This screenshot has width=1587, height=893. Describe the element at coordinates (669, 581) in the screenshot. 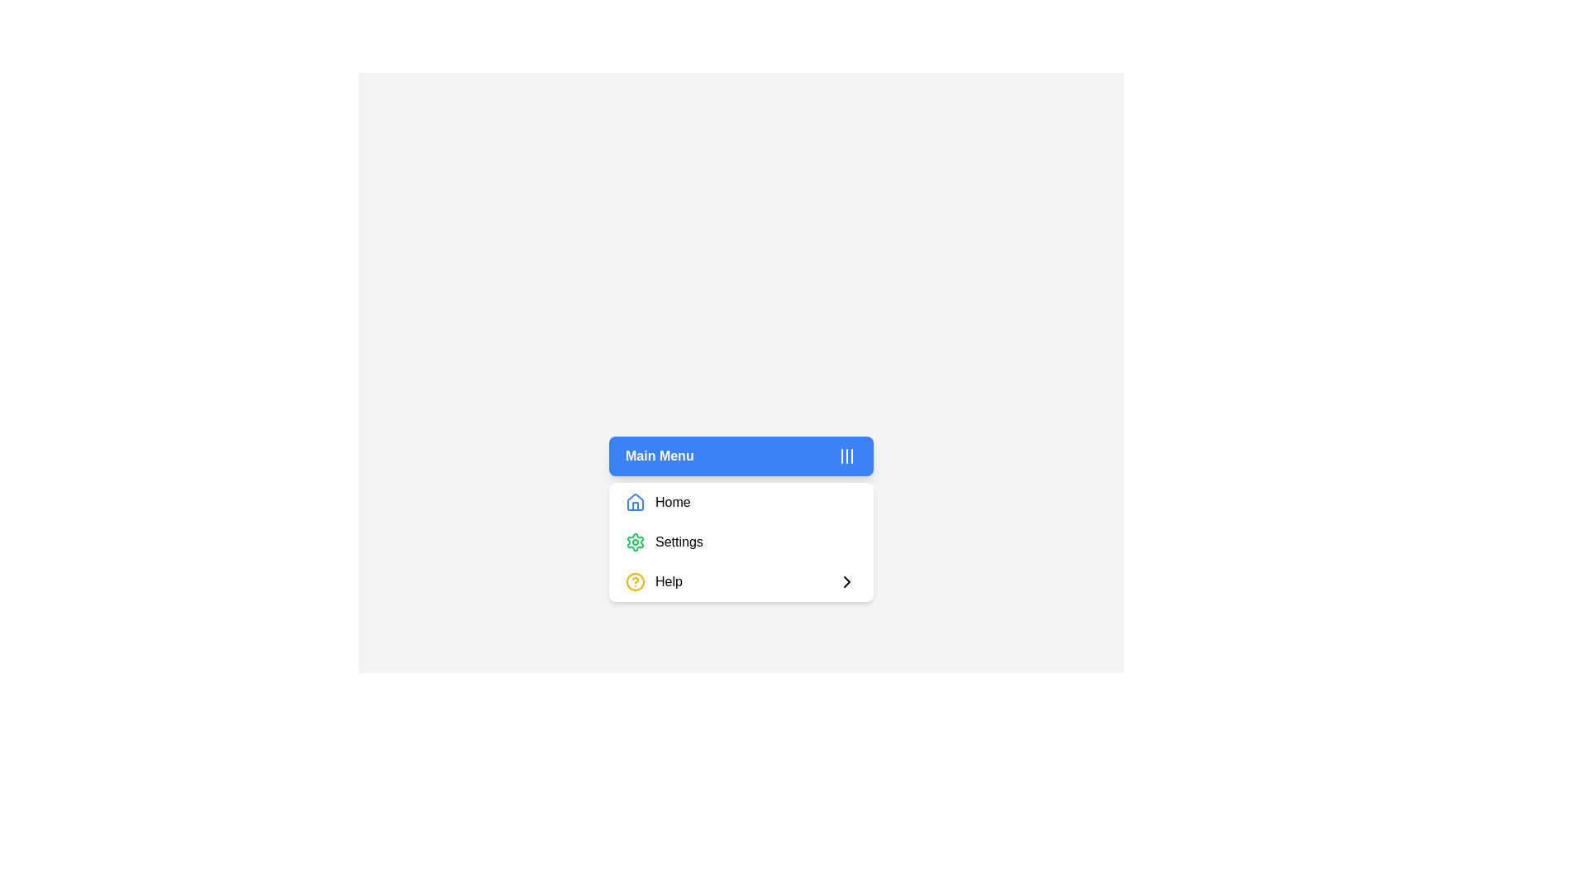

I see `the 'Help' text label located in the bottom-most line item of the dropdown menu, which is accompanied by a yellow circle icon with a question mark on the left and an arrow on the right` at that location.